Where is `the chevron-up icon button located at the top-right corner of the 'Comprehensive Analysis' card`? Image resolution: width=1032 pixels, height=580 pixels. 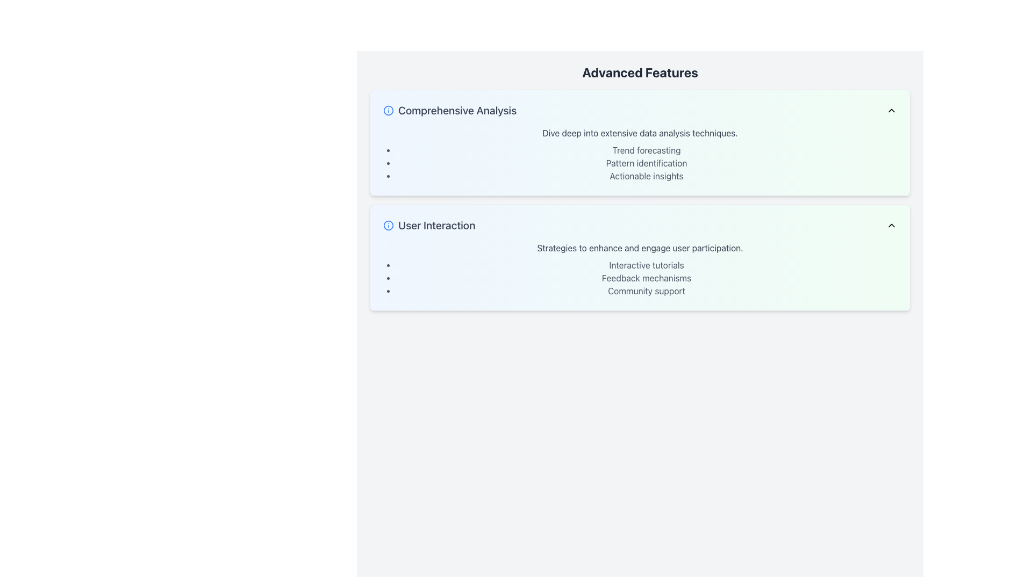 the chevron-up icon button located at the top-right corner of the 'Comprehensive Analysis' card is located at coordinates (892, 110).